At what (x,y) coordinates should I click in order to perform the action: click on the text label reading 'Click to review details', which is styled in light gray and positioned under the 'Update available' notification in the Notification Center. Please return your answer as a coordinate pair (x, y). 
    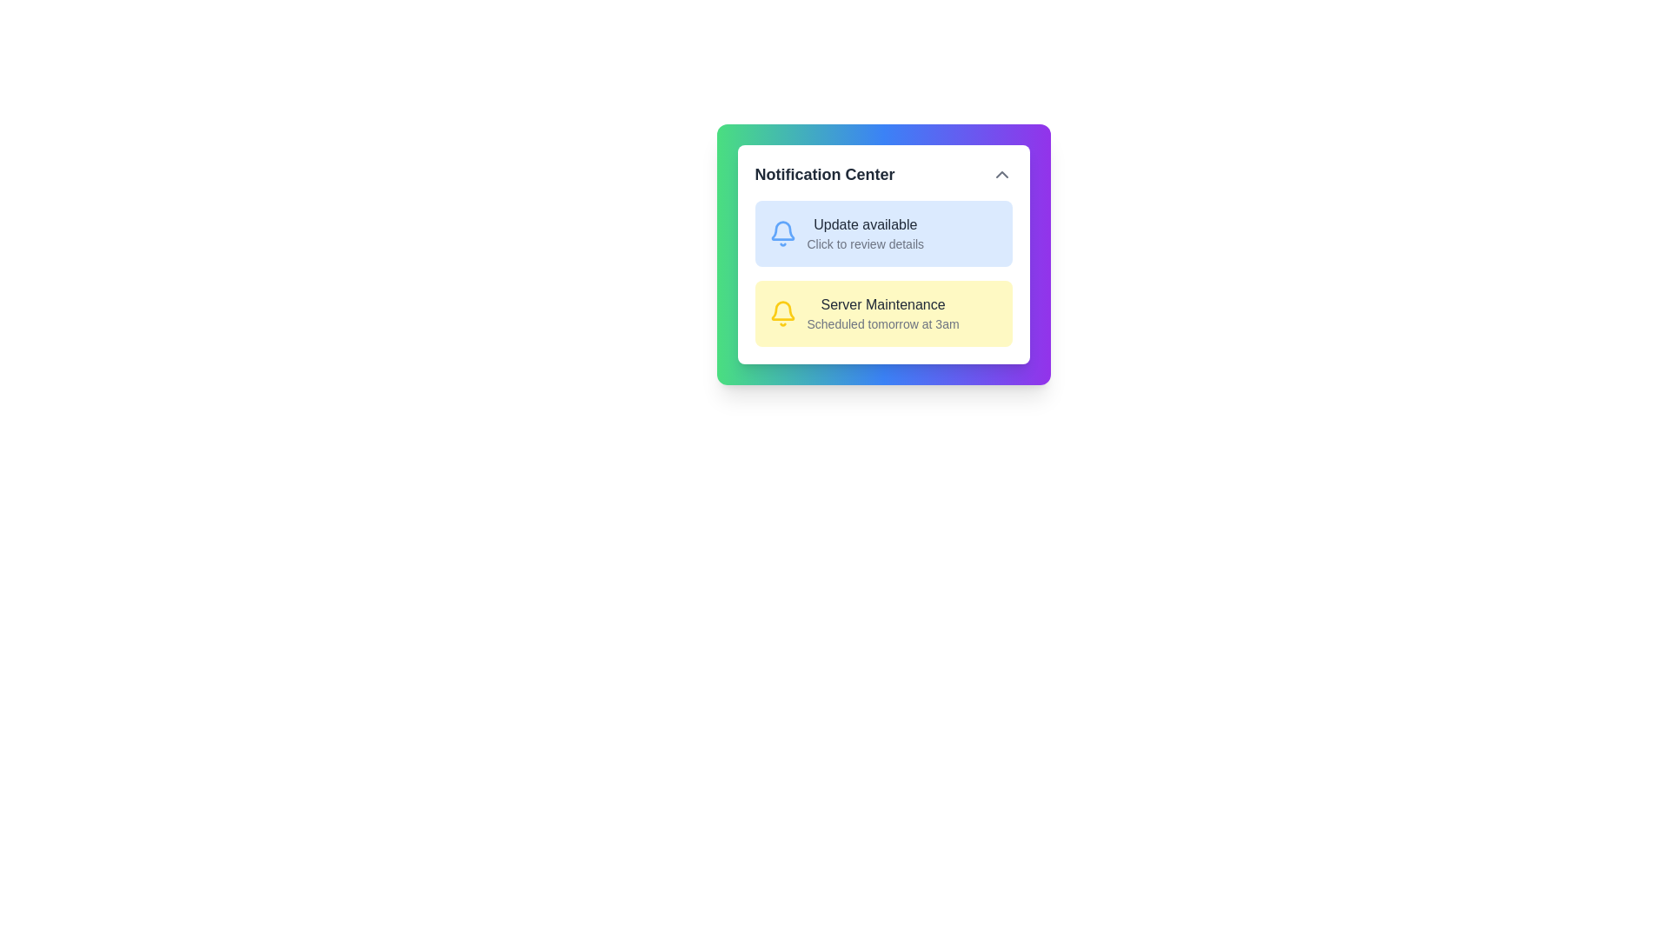
    Looking at the image, I should click on (865, 244).